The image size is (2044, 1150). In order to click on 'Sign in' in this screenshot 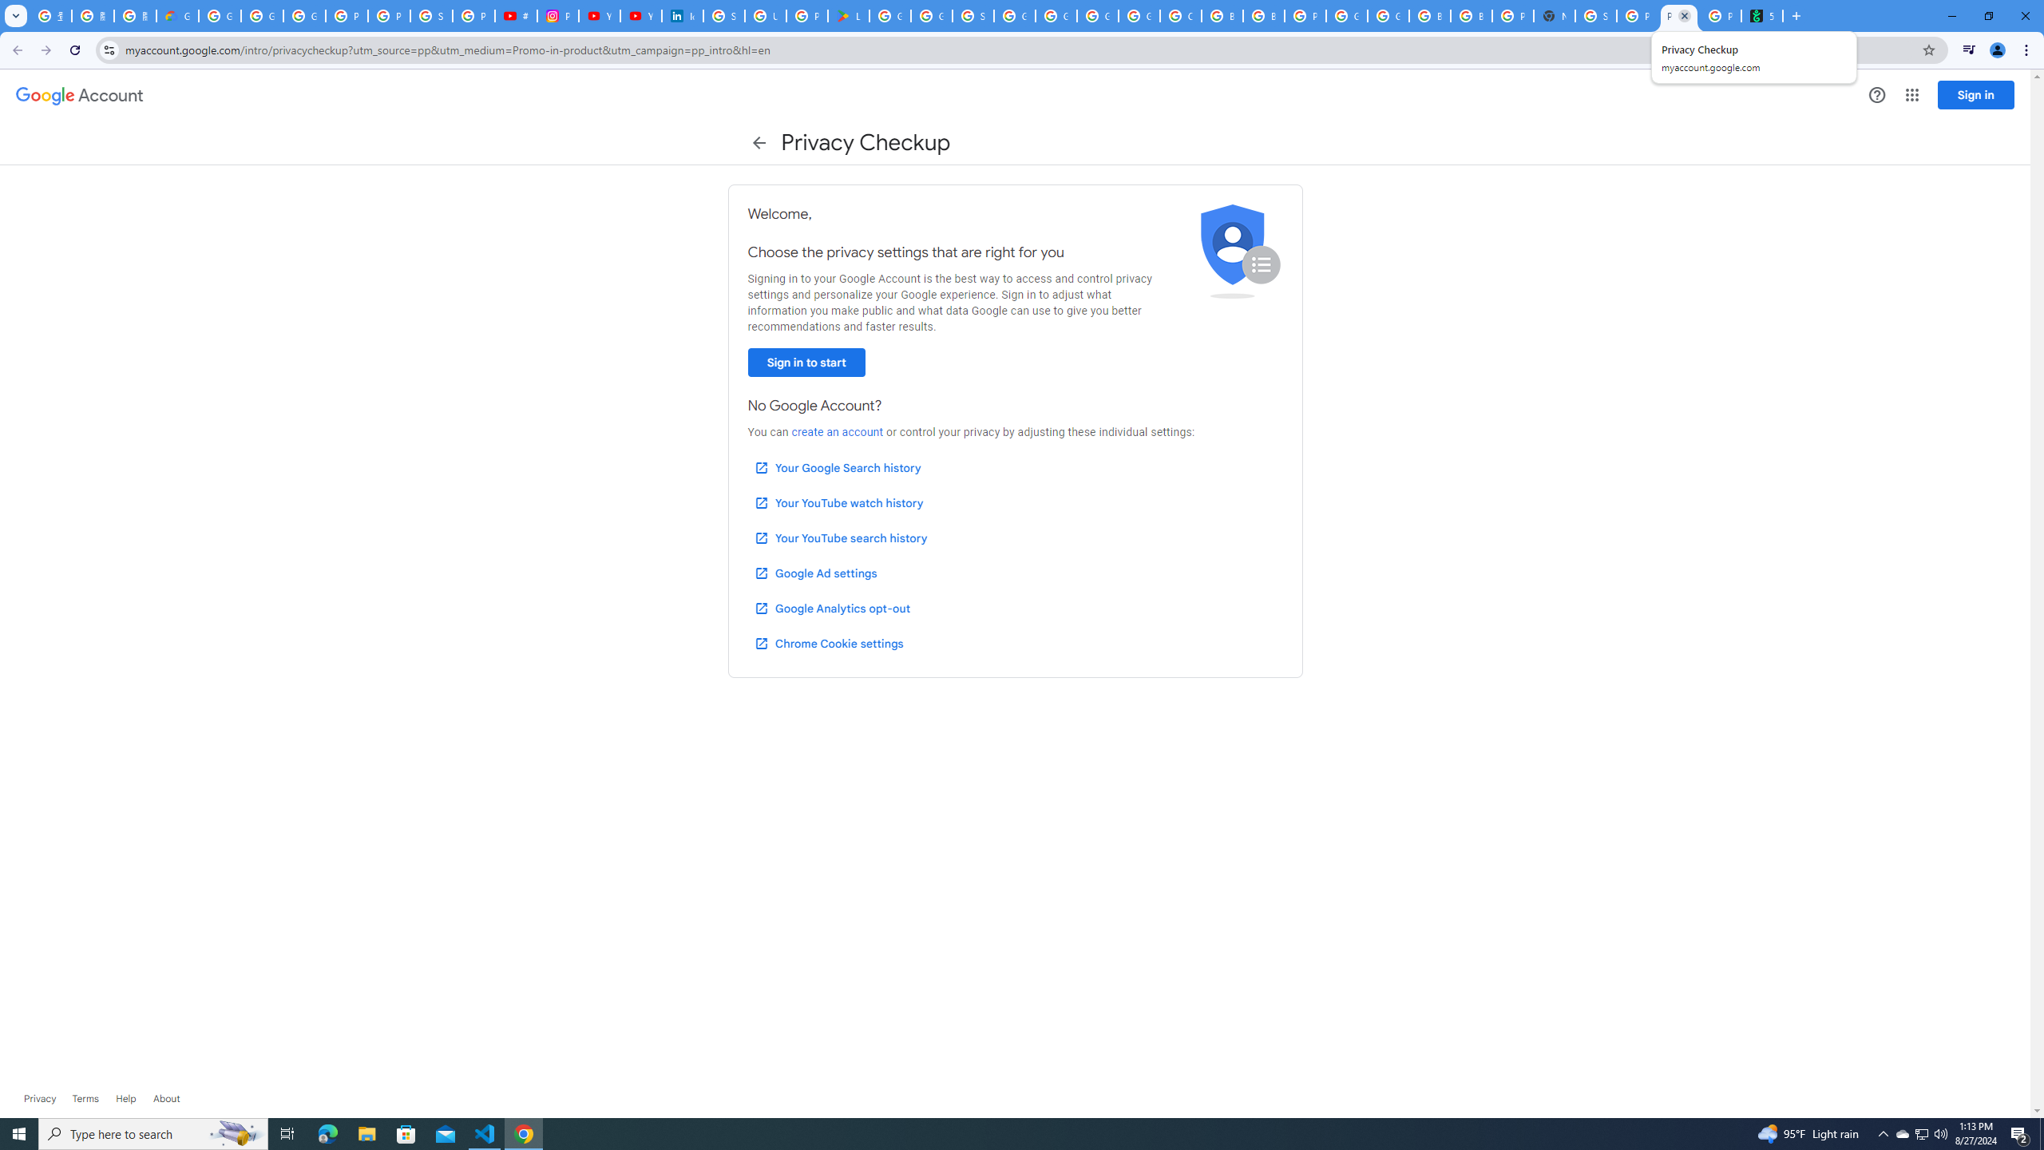, I will do `click(1975, 94)`.